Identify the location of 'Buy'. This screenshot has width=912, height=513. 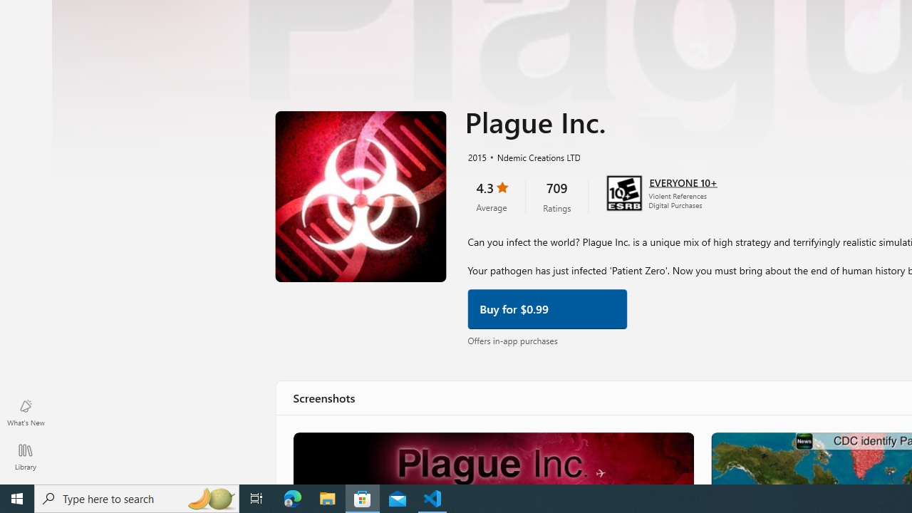
(546, 307).